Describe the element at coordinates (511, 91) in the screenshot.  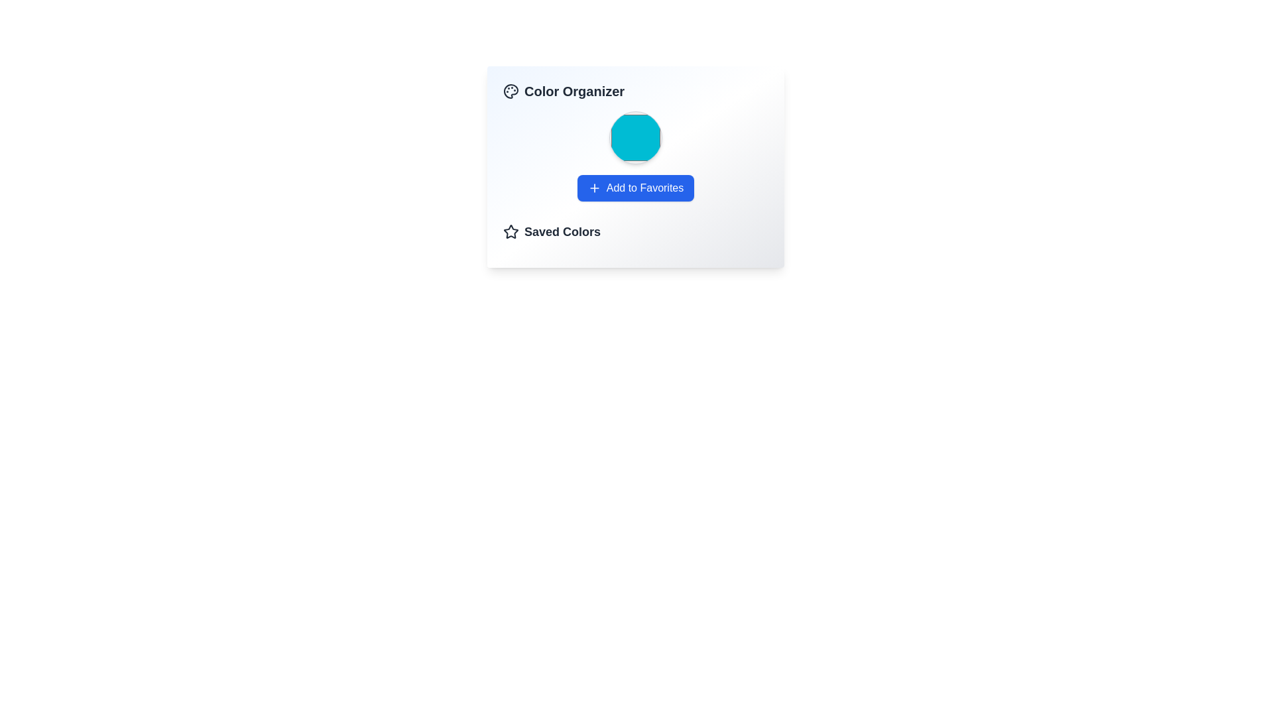
I see `the small monochromatic palette icon located to the immediate left of the 'Color Organizer' text in the title section of the card` at that location.